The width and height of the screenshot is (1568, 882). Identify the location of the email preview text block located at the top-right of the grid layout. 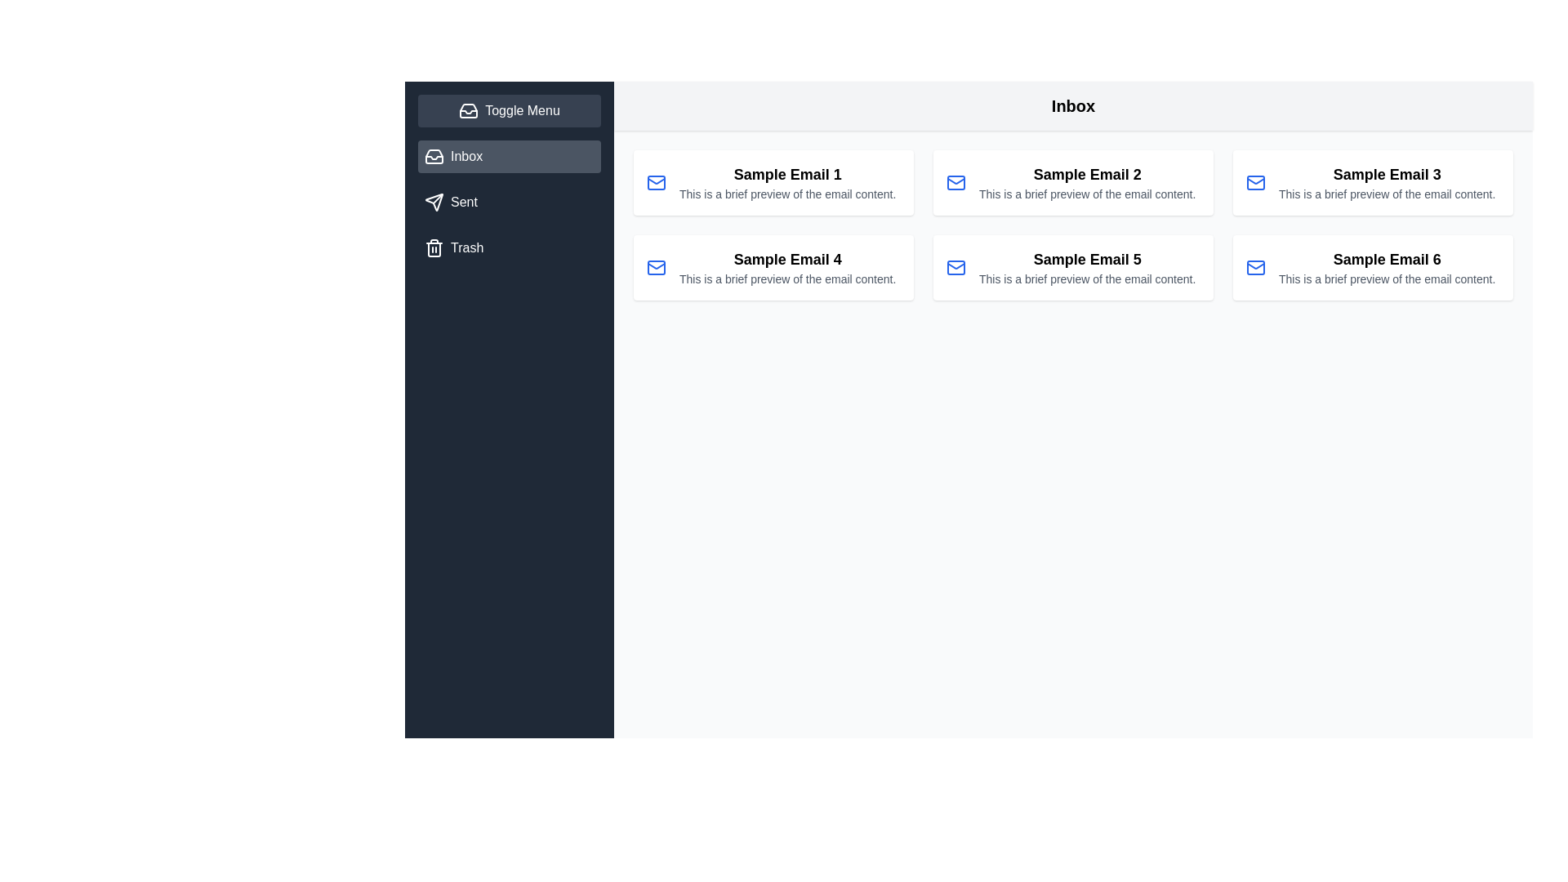
(1386, 182).